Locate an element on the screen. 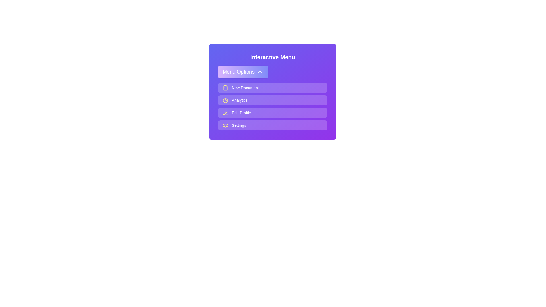 The image size is (546, 307). the Decorative icon representing the 'New Document' menu option, which is located at the topmost entry of a vertical menu list is located at coordinates (225, 88).